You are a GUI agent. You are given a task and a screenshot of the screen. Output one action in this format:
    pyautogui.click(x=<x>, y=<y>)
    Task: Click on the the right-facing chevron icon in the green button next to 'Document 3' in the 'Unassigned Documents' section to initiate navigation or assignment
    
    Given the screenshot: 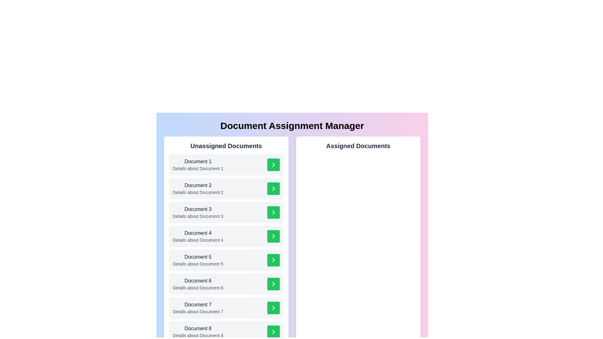 What is the action you would take?
    pyautogui.click(x=273, y=212)
    